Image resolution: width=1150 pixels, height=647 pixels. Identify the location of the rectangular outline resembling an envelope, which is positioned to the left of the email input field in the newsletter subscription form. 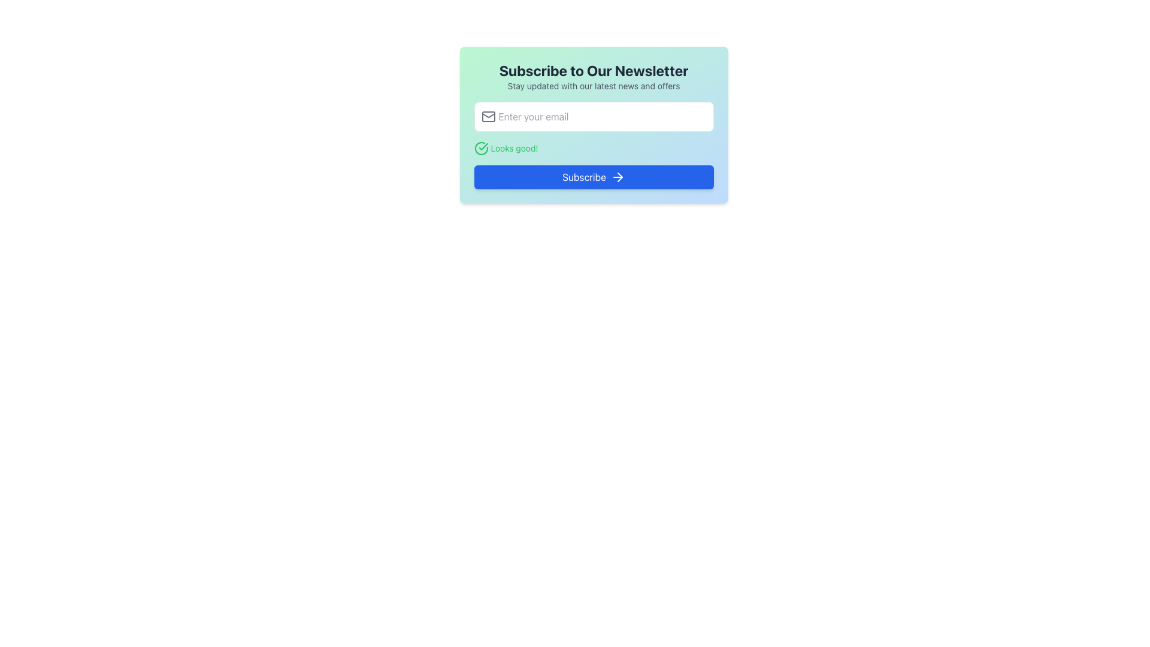
(488, 117).